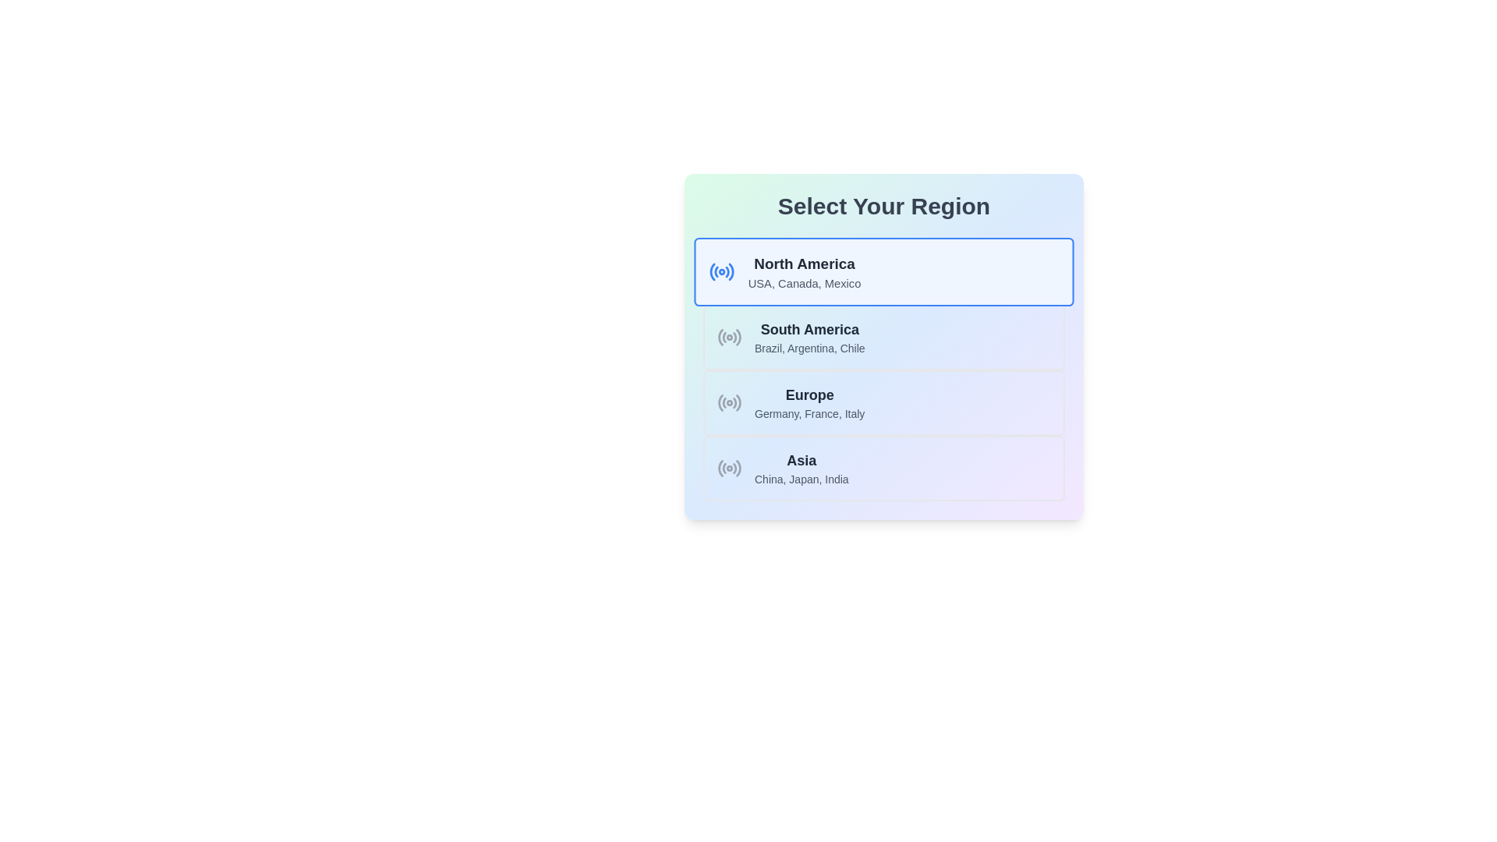 The height and width of the screenshot is (842, 1497). I want to click on the second line of text in the 'South America' section, which lists countries in the region as an informational label, so click(809, 348).